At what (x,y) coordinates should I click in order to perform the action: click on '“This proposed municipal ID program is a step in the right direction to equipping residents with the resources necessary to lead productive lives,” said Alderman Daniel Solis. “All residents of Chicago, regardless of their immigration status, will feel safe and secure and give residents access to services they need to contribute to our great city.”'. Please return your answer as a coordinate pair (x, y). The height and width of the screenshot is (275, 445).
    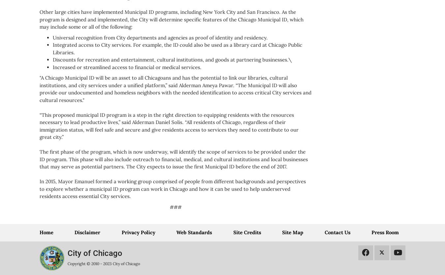
    Looking at the image, I should click on (169, 125).